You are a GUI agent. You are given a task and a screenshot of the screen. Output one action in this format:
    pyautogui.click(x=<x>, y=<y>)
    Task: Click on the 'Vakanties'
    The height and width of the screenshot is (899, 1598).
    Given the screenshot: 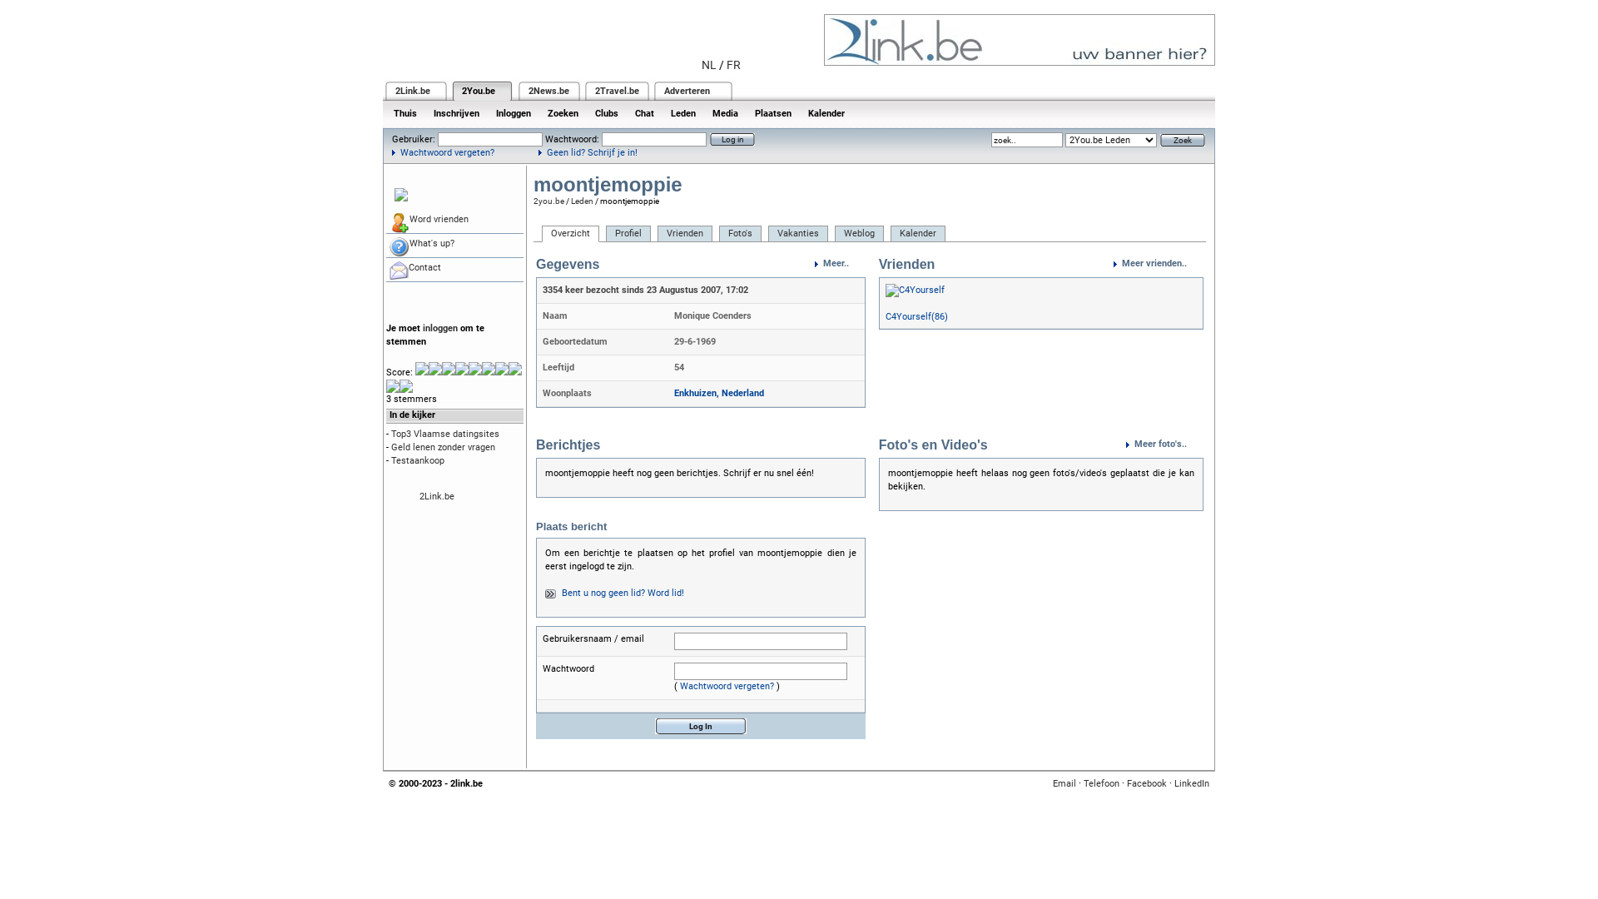 What is the action you would take?
    pyautogui.click(x=797, y=234)
    